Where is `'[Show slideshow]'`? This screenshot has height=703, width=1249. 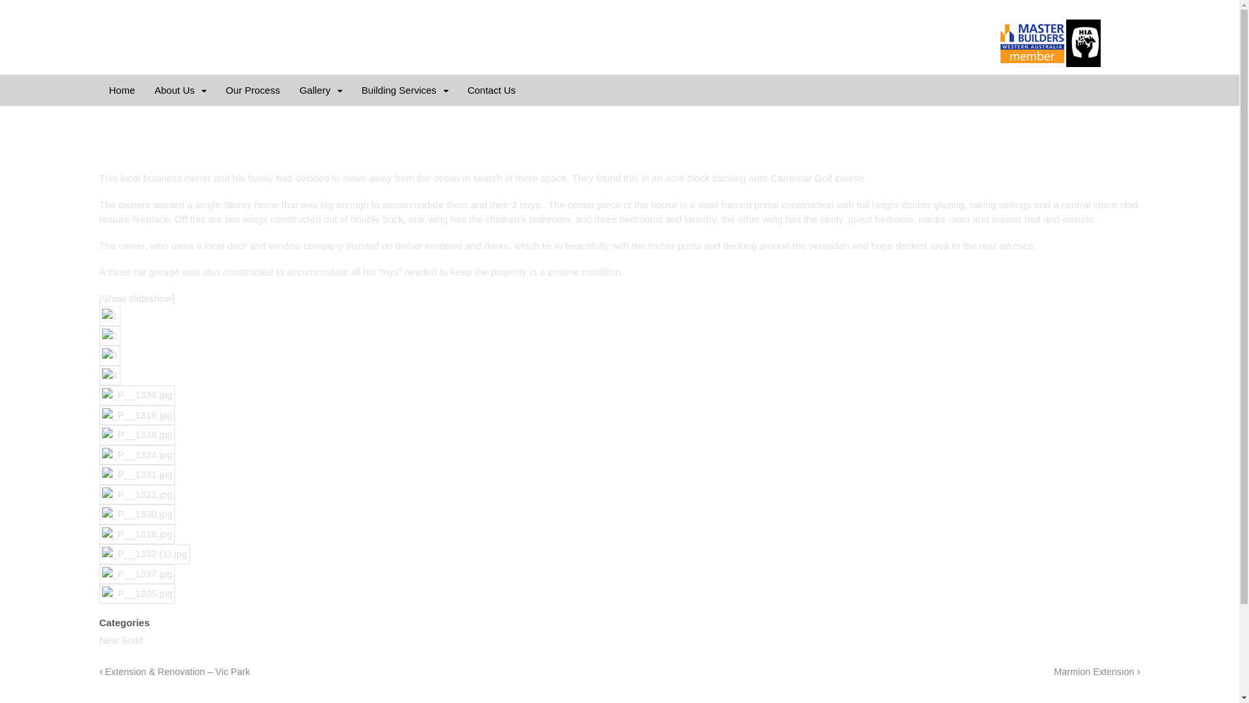
'[Show slideshow]' is located at coordinates (137, 298).